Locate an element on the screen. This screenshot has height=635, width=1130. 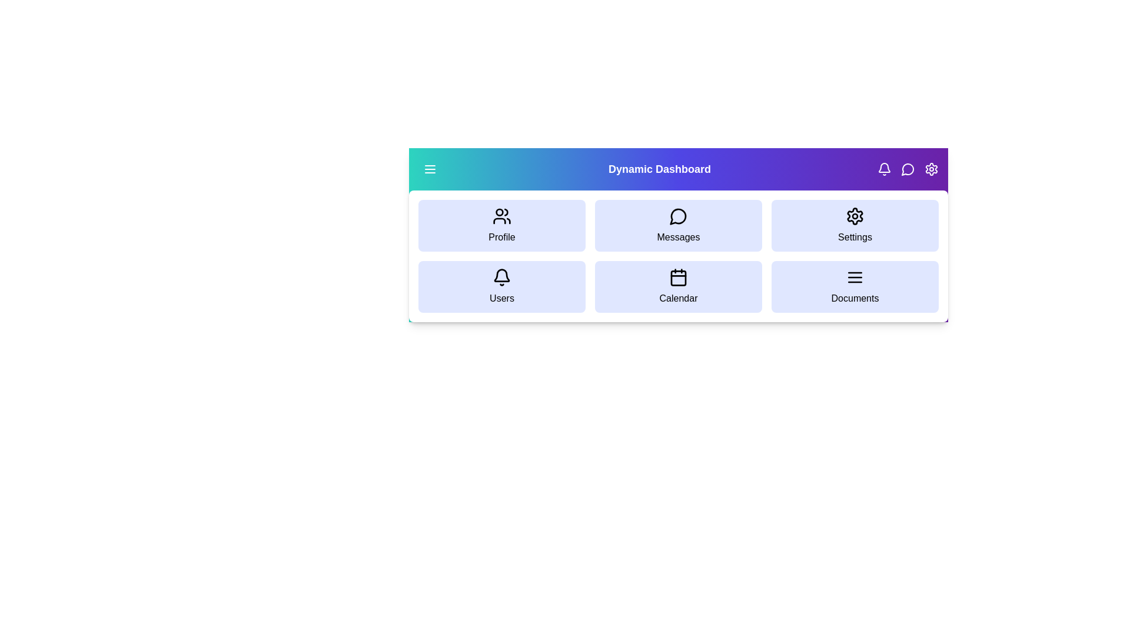
the 'Messages' button to open the messages section is located at coordinates (678, 226).